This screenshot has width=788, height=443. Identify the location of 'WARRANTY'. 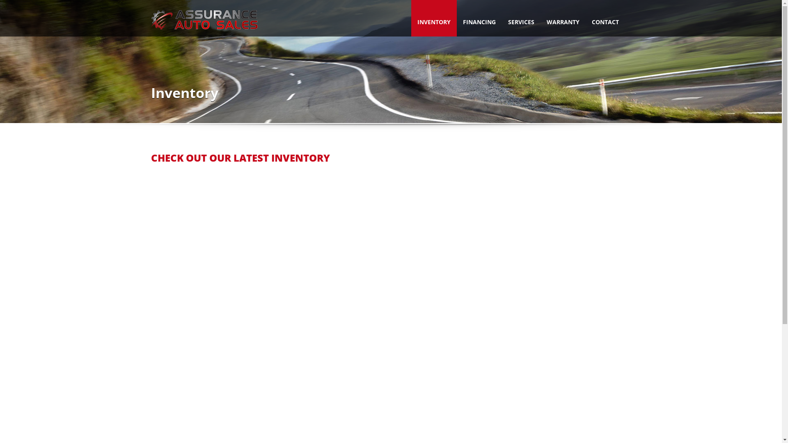
(540, 18).